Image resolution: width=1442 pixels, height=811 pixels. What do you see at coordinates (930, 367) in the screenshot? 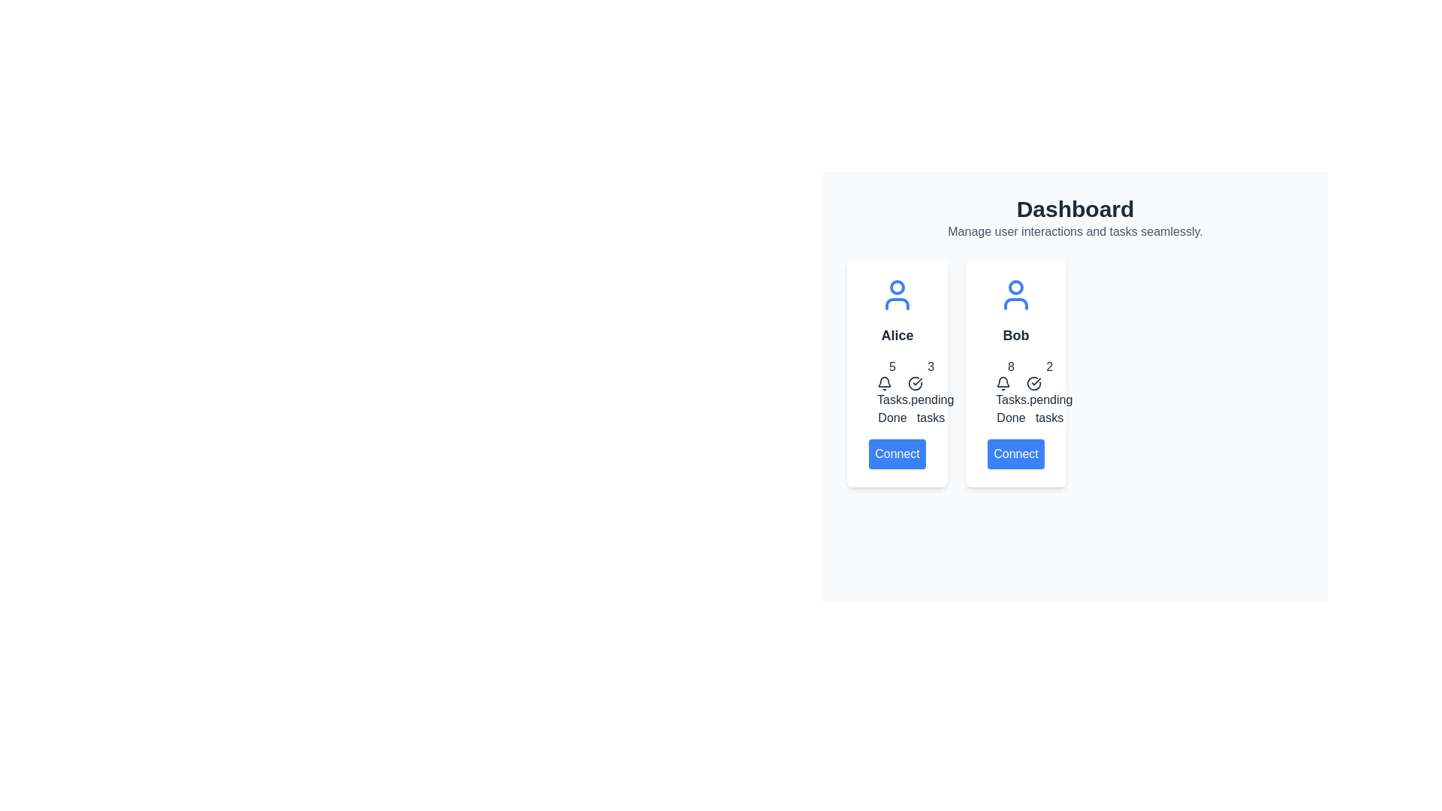
I see `the static text label displaying the numeral '3' in black, located at the top section of the statistics widget for user 'Alice', above the 'pending tasks' text` at bounding box center [930, 367].